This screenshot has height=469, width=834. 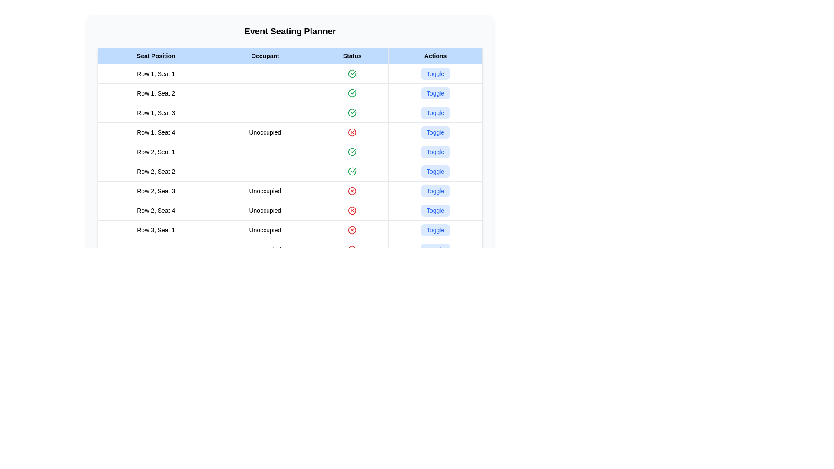 I want to click on the 'Toggle' button with rounded edges in blue text located in the last column under the 'Actions' header for 'Row 2, Seat 4' to change its background color, so click(x=435, y=211).